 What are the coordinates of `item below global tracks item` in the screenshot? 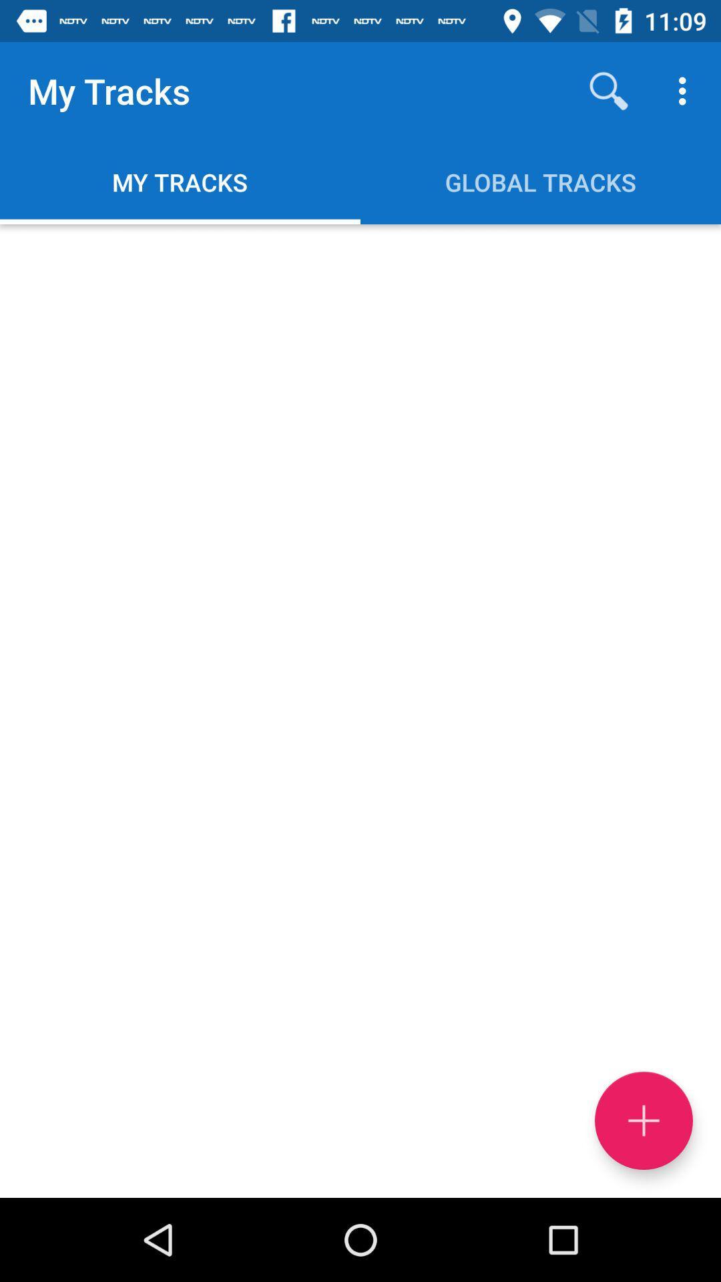 It's located at (643, 1120).